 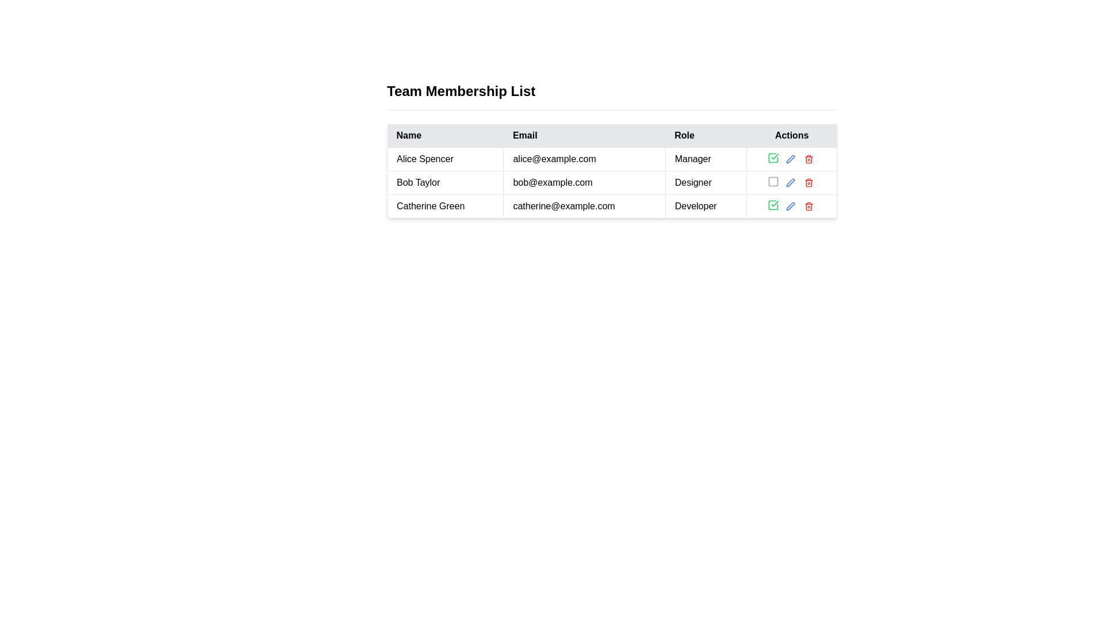 I want to click on the text label displaying 'Developer' in the third column of the third row in the table, indicating a team member's role, so click(x=706, y=205).